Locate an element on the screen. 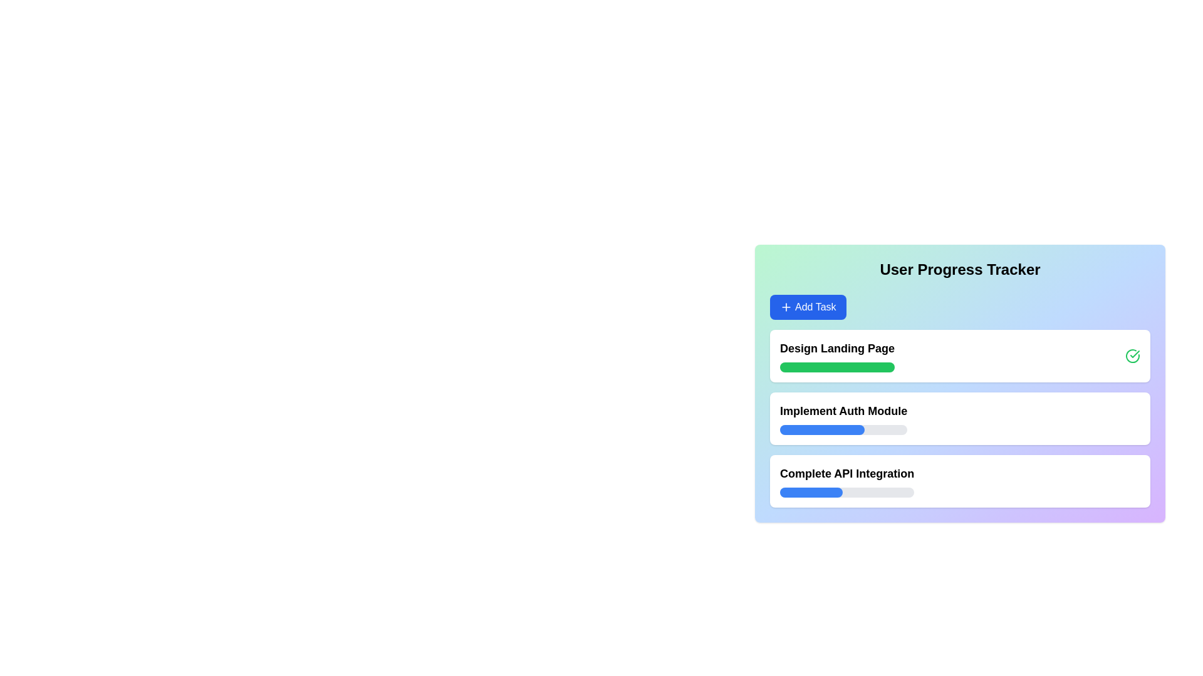  the Task card labeled 'Implement Auth Module', which contains a progress bar indicating the task's completion status, located in the 'User Progress Tracker' section is located at coordinates (959, 418).